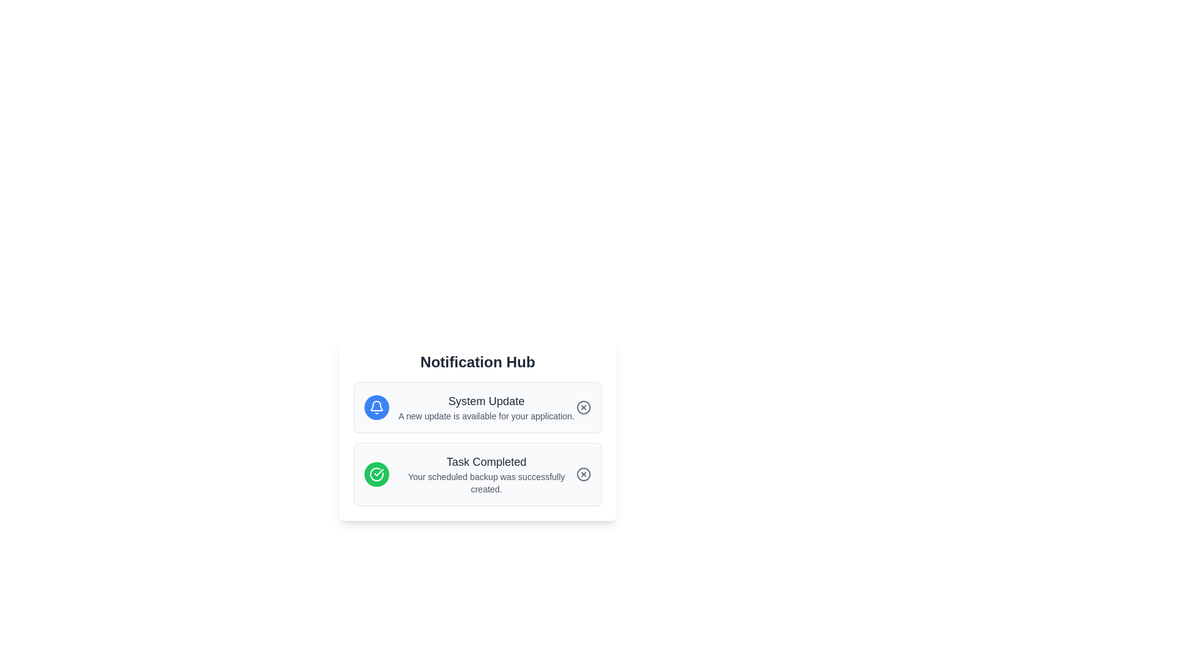 Image resolution: width=1190 pixels, height=669 pixels. What do you see at coordinates (486, 408) in the screenshot?
I see `the Text element that provides information about a system update, located within a notification card to the right of a blue notification bell icon` at bounding box center [486, 408].